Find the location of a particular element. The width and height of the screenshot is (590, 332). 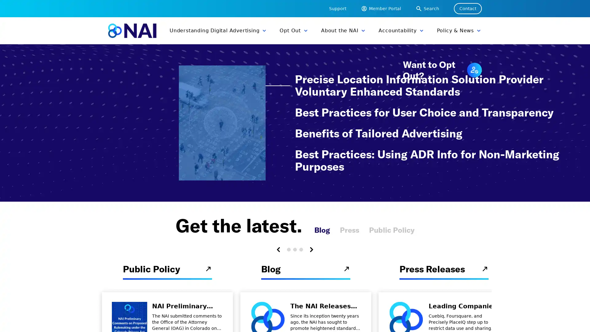

Press is located at coordinates (349, 230).